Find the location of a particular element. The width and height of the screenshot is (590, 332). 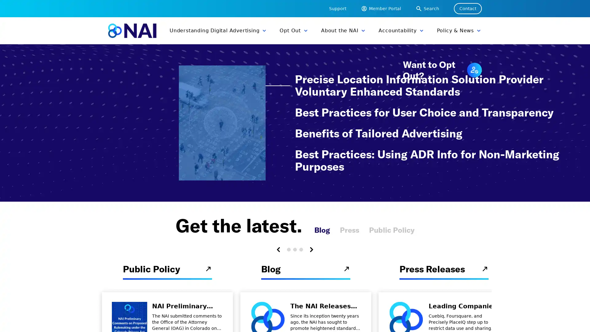

Press is located at coordinates (349, 230).